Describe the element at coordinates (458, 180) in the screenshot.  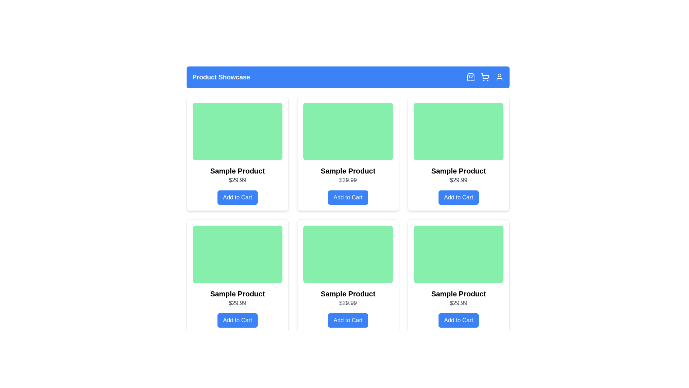
I see `the price label of the product card located in the third column of the top row, directly beneath the title 'Sample Product'` at that location.